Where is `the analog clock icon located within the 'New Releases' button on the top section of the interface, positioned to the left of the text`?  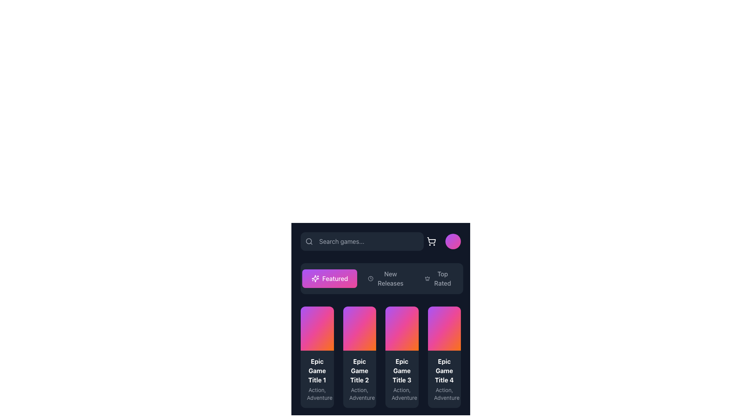 the analog clock icon located within the 'New Releases' button on the top section of the interface, positioned to the left of the text is located at coordinates (370, 279).